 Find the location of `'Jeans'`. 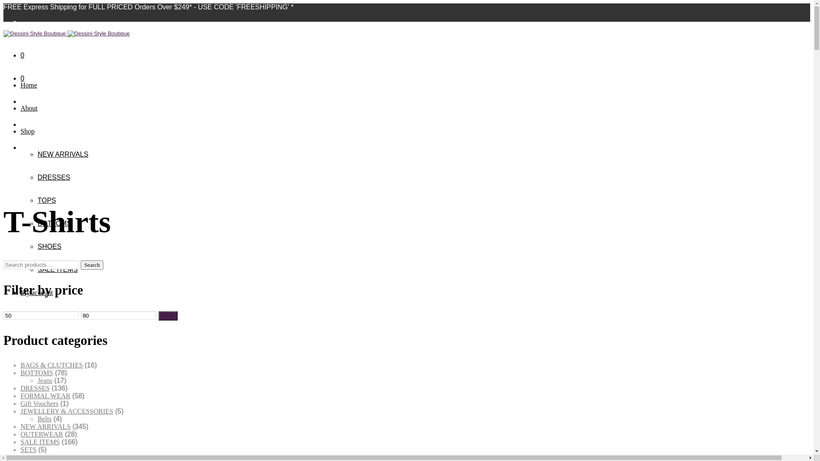

'Jeans' is located at coordinates (44, 380).